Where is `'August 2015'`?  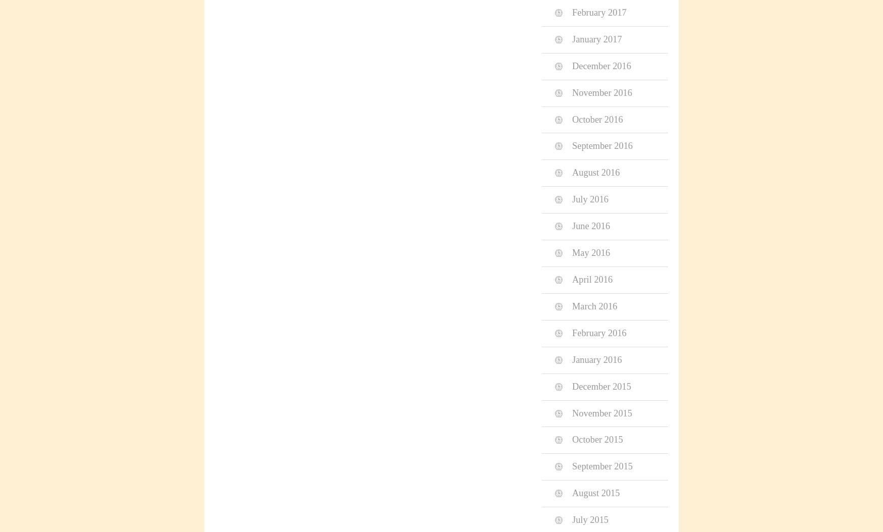
'August 2015' is located at coordinates (572, 493).